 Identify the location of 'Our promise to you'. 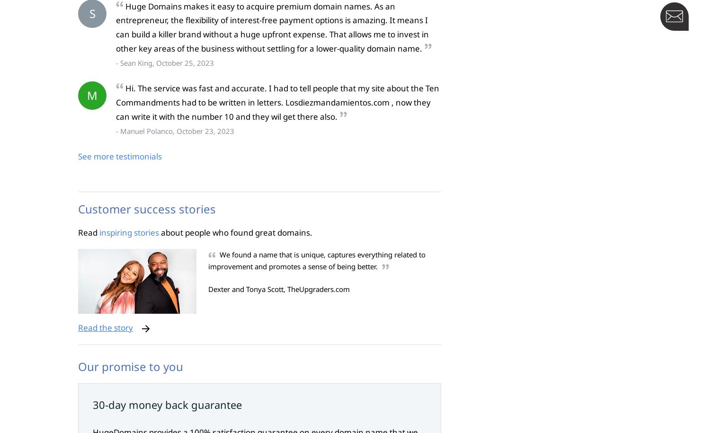
(131, 365).